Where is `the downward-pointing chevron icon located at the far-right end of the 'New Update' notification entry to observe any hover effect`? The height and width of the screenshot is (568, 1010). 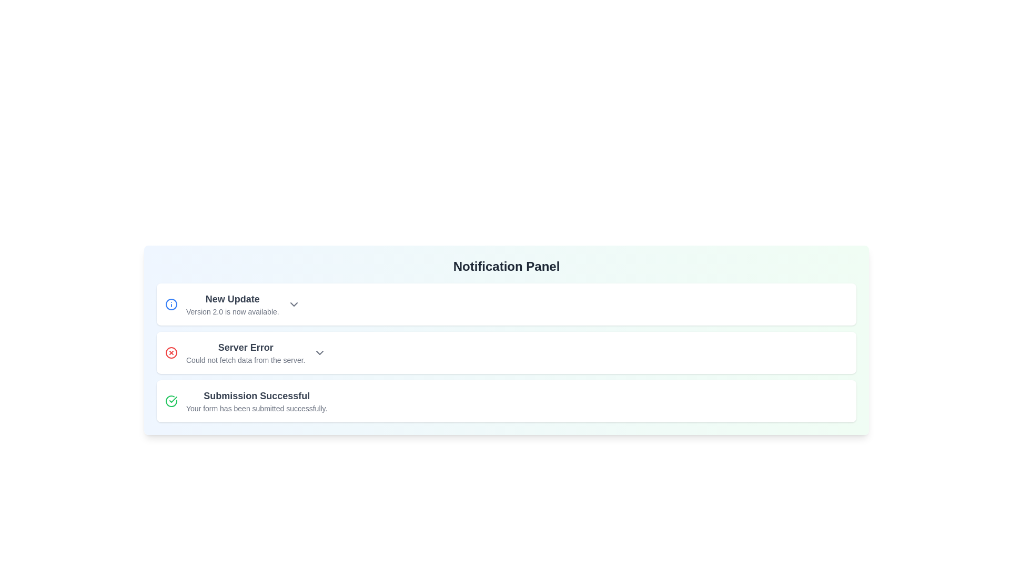
the downward-pointing chevron icon located at the far-right end of the 'New Update' notification entry to observe any hover effect is located at coordinates (294, 304).